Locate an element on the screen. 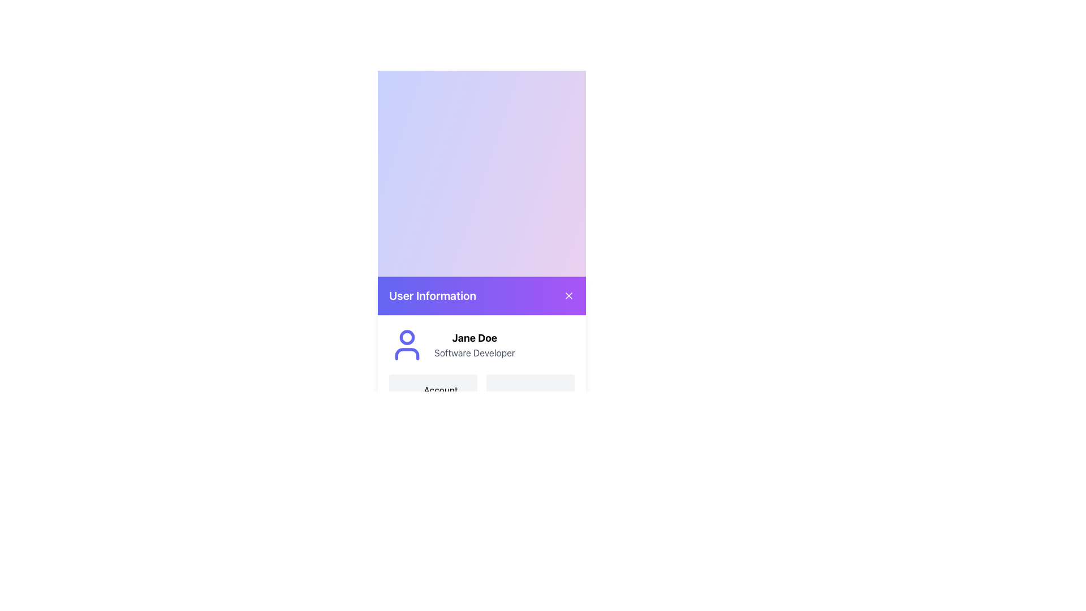 The width and height of the screenshot is (1086, 611). SVG Circle element representing the user's head in the 'User Information' section, which is visually part of the user profile icon directly above the name 'Jane Doe.' is located at coordinates (407, 337).